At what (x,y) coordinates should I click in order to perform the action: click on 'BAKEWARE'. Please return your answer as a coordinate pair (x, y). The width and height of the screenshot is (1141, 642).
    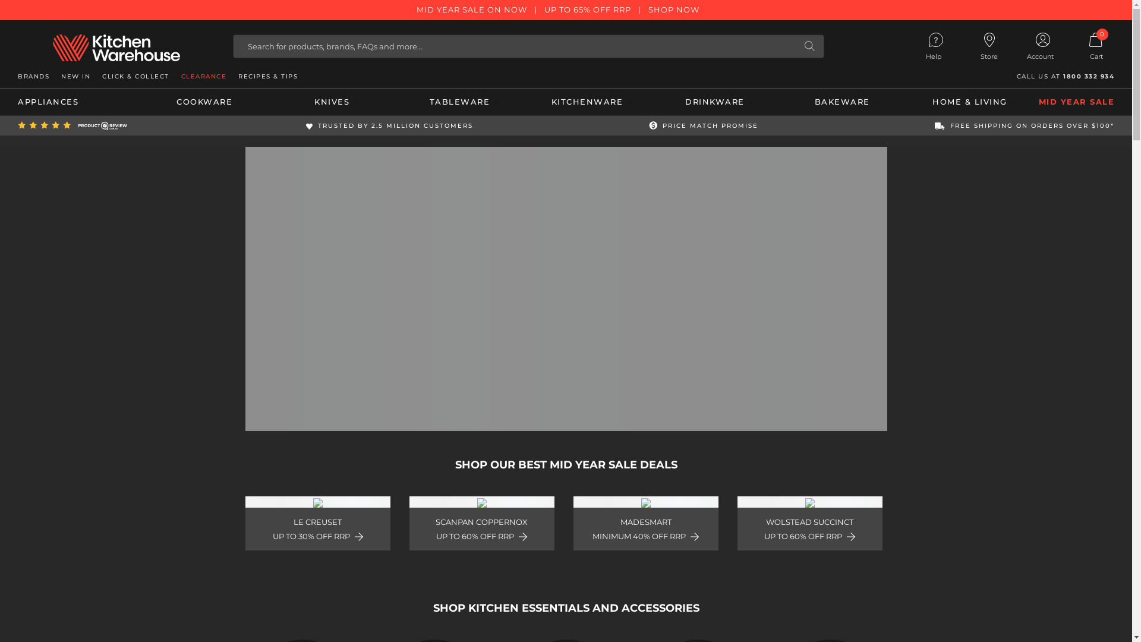
    Looking at the image, I should click on (846, 102).